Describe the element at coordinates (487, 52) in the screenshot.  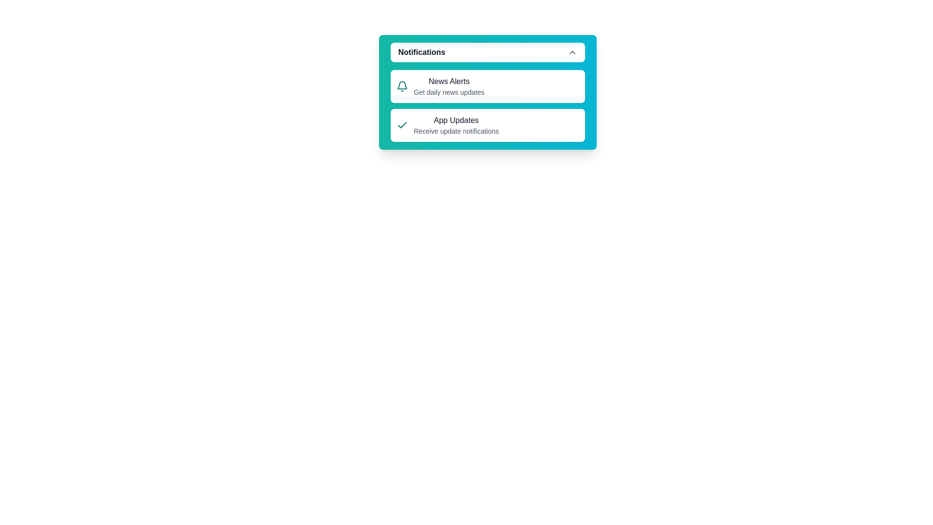
I see `the 'Notifications' button to toggle the visibility of the notification menu` at that location.